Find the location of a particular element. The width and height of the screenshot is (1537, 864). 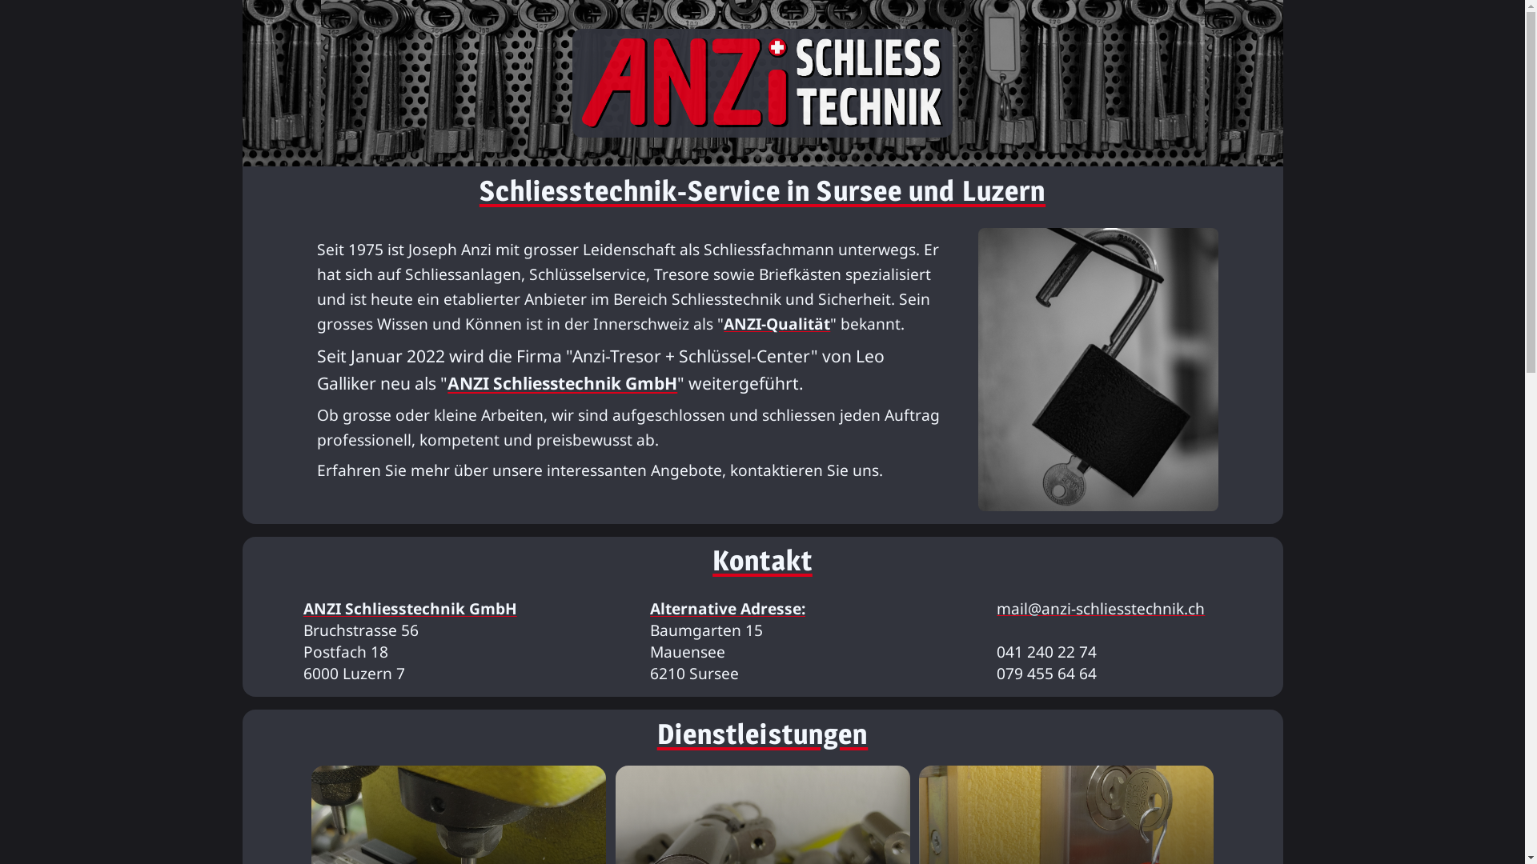

'mail@anzi-schliesstechnik.ch' is located at coordinates (1099, 608).